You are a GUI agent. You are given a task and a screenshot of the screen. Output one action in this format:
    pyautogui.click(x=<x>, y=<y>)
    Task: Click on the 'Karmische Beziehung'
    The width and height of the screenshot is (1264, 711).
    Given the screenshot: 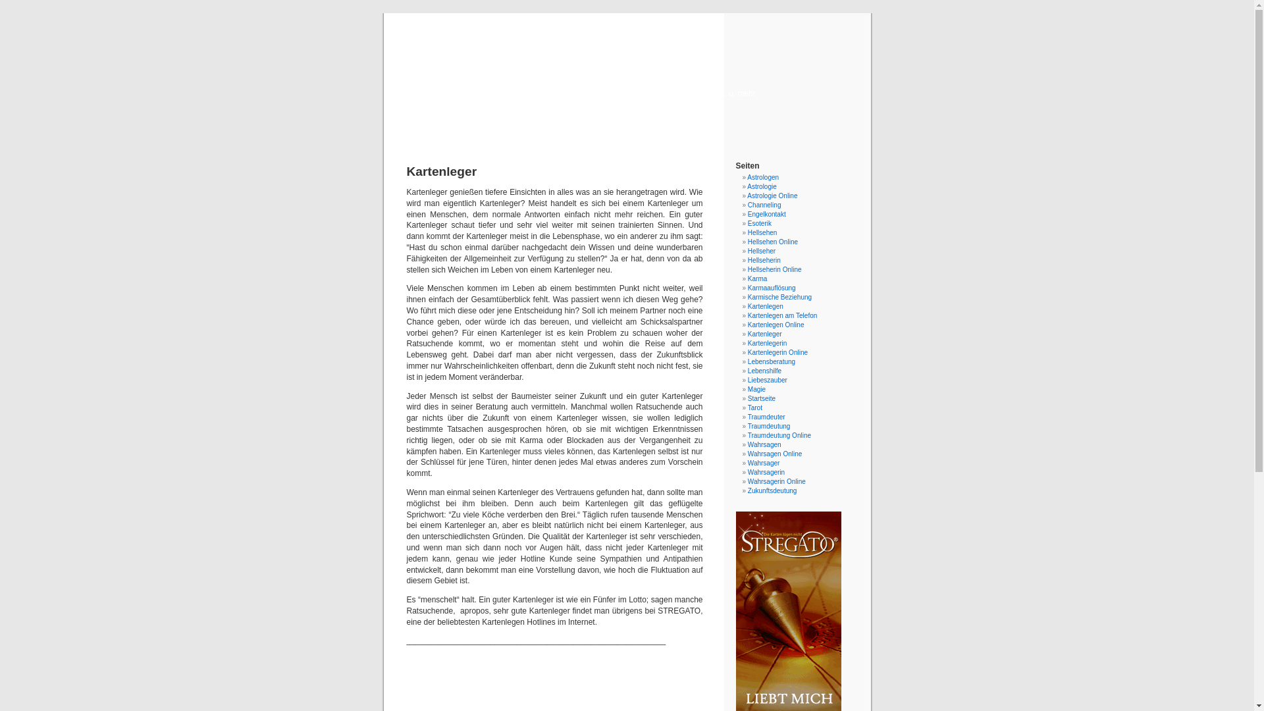 What is the action you would take?
    pyautogui.click(x=779, y=297)
    